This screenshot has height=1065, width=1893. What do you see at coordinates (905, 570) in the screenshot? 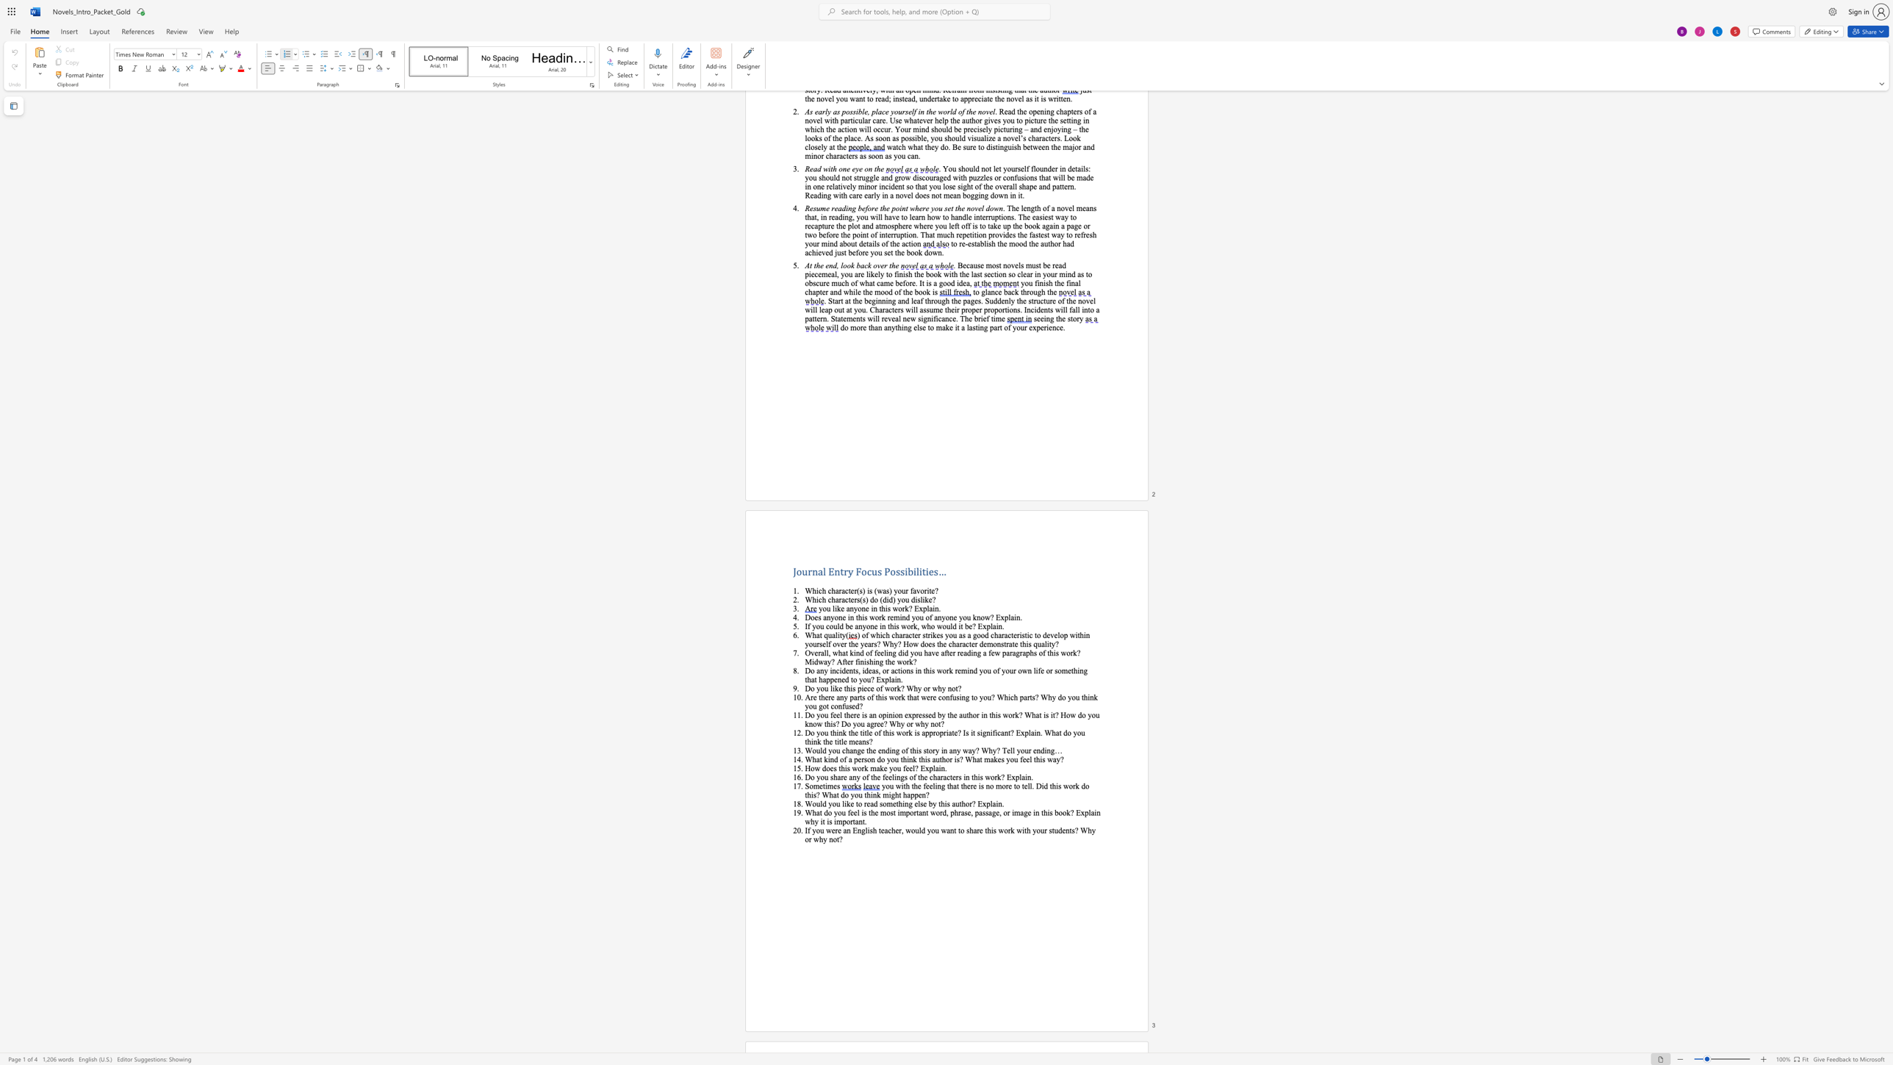
I see `the 1th character "i" in the text` at bounding box center [905, 570].